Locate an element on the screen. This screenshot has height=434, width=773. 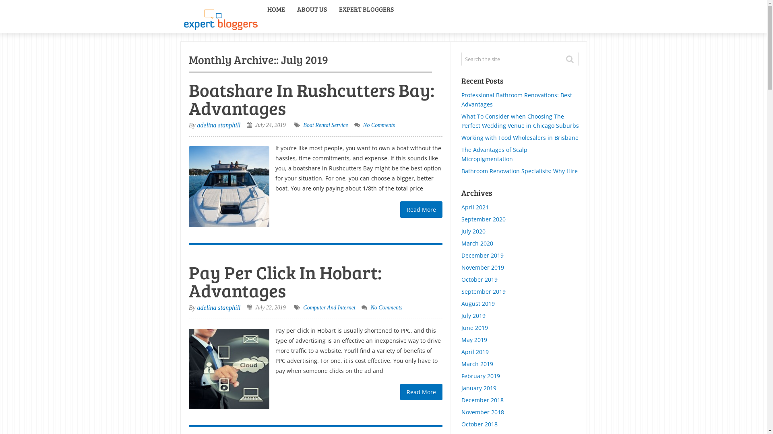
'Bathroom Renovation Specialists: Why Hire' is located at coordinates (519, 170).